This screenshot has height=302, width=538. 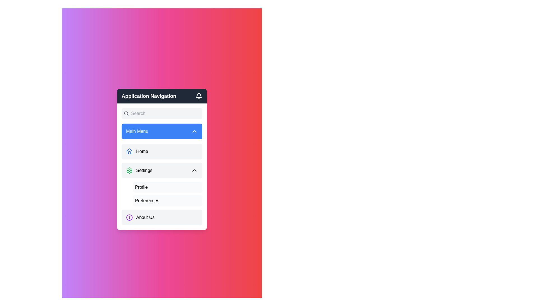 What do you see at coordinates (129, 170) in the screenshot?
I see `the 'Settings' icon located in the navigation menu, which signifies the 'Settings' functionality and is positioned before the text label 'Settings'` at bounding box center [129, 170].